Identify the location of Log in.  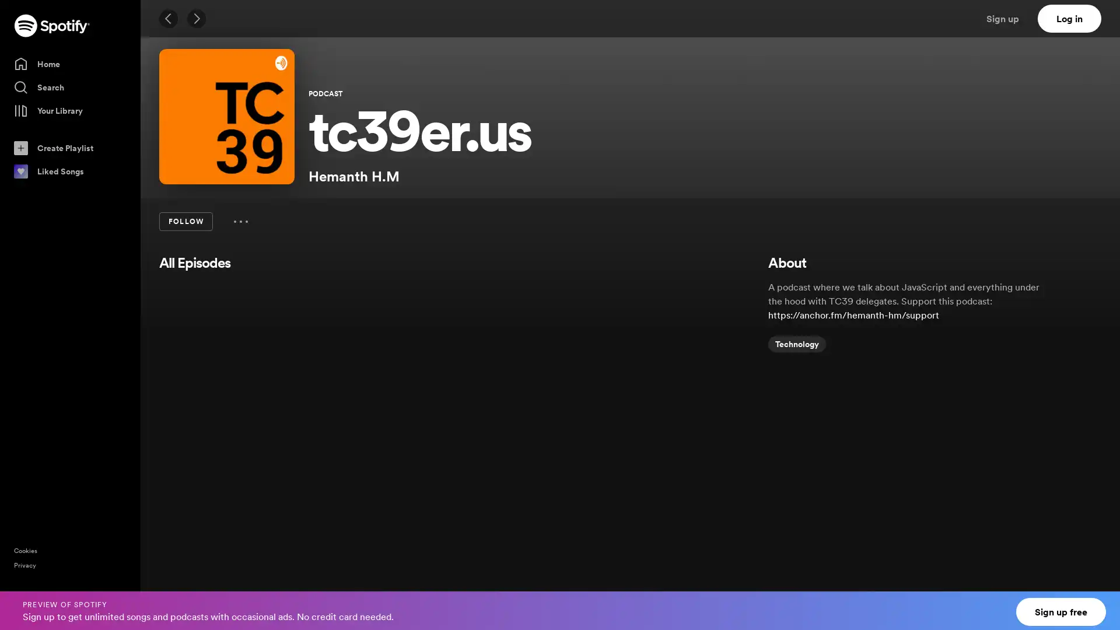
(1069, 18).